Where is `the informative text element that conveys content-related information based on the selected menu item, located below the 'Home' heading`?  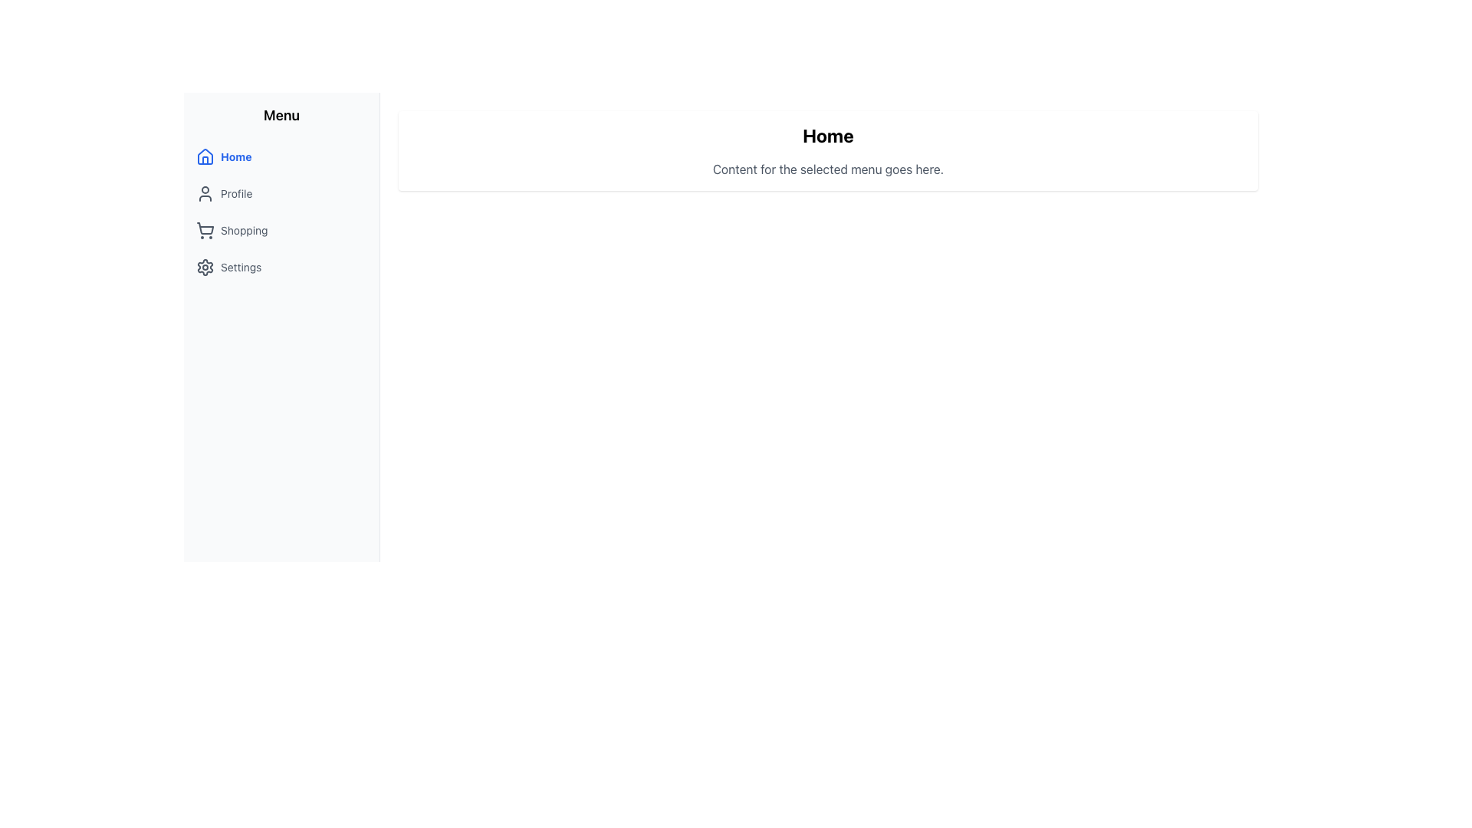 the informative text element that conveys content-related information based on the selected menu item, located below the 'Home' heading is located at coordinates (827, 169).